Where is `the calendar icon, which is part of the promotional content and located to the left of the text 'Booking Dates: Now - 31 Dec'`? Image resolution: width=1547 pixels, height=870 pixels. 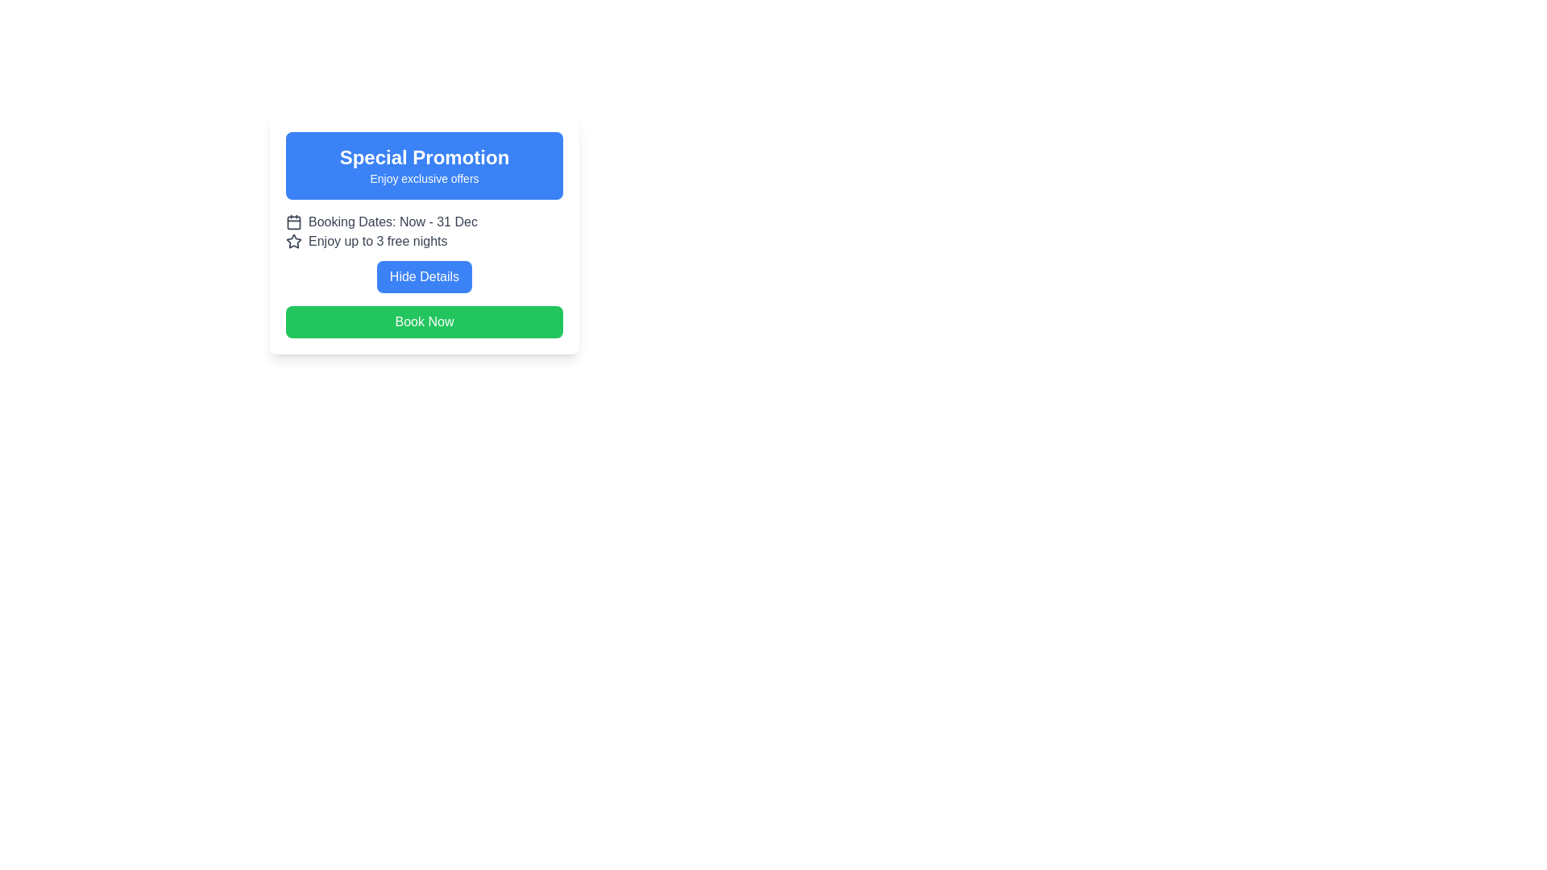
the calendar icon, which is part of the promotional content and located to the left of the text 'Booking Dates: Now - 31 Dec' is located at coordinates (293, 222).